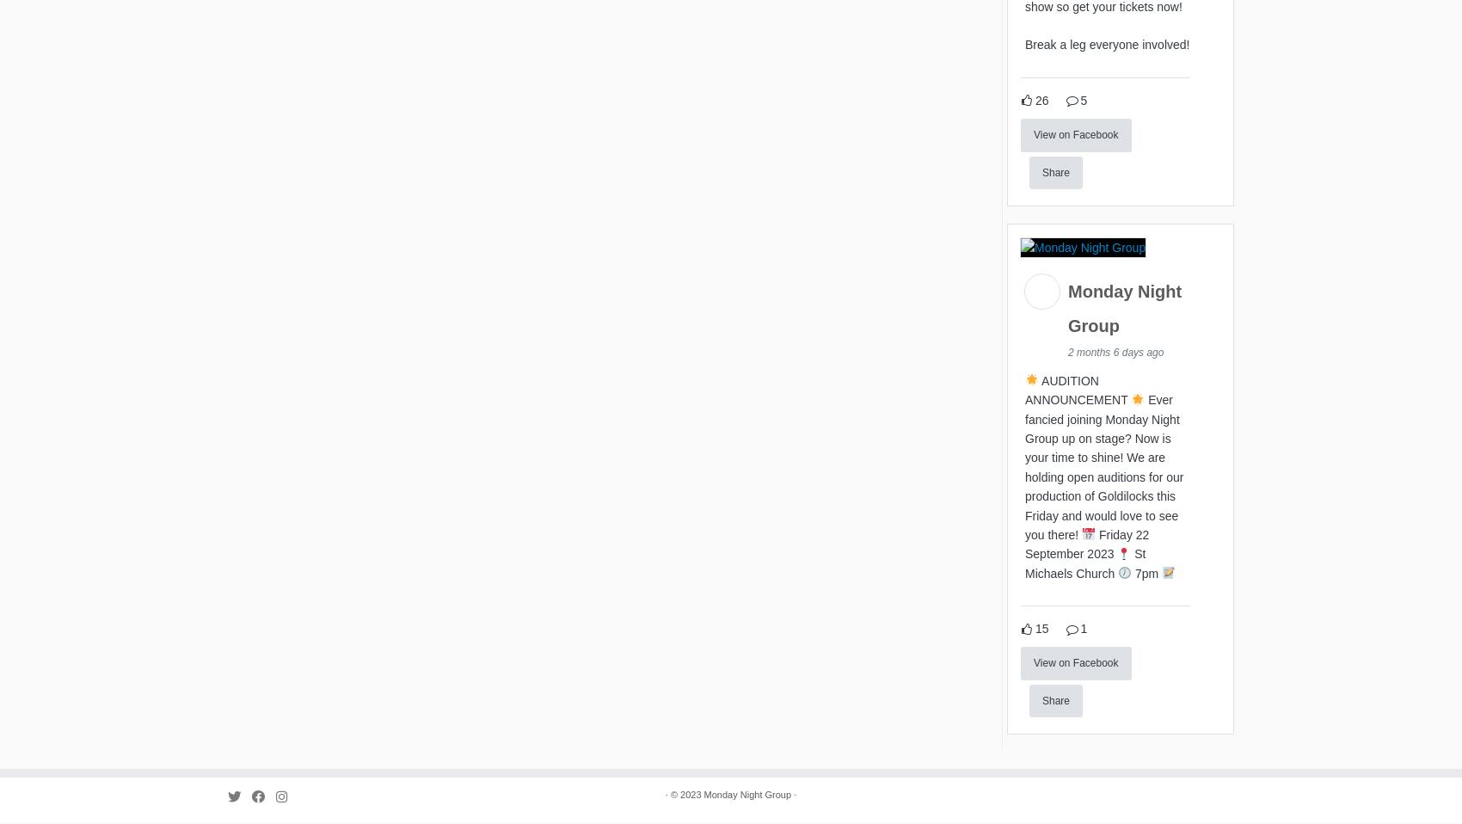 Image resolution: width=1462 pixels, height=824 pixels. I want to click on 'AUDITION ANNOUNCEMENT', so click(1077, 393).